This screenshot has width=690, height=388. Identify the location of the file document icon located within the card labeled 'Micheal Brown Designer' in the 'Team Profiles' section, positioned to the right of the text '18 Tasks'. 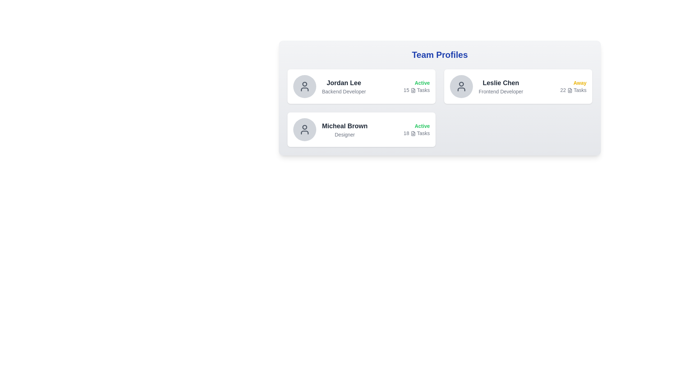
(413, 134).